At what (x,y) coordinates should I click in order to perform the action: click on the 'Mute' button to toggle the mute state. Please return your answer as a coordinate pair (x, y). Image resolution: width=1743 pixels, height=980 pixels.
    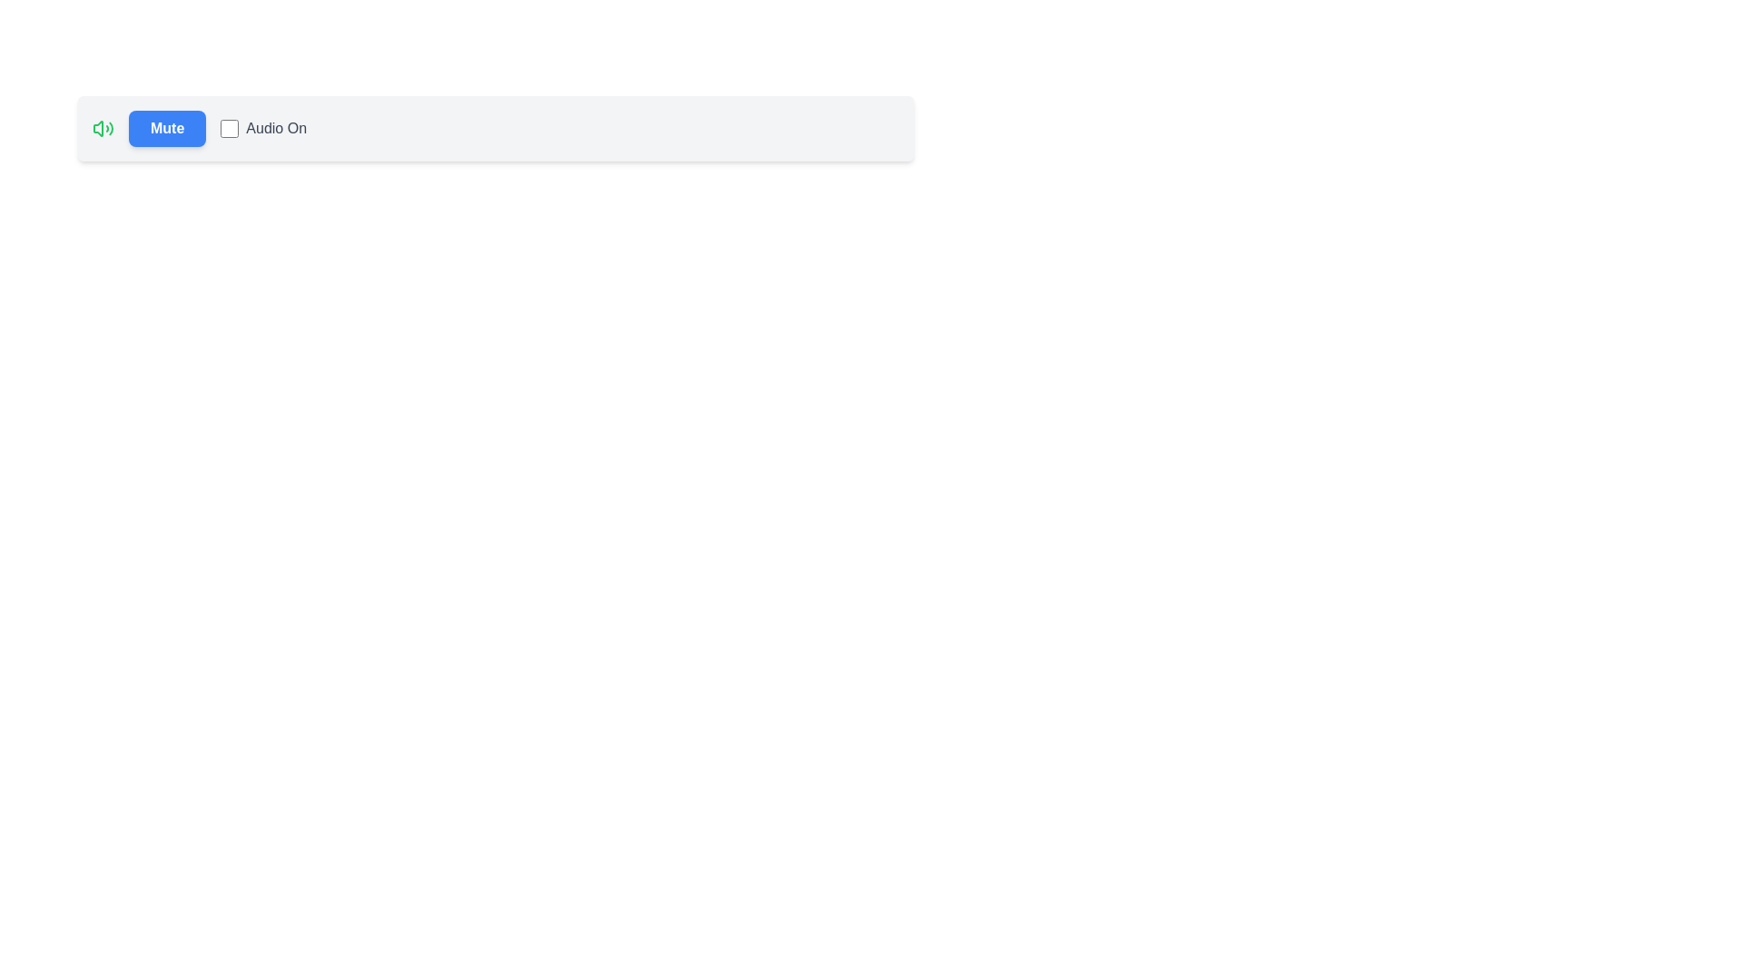
    Looking at the image, I should click on (167, 128).